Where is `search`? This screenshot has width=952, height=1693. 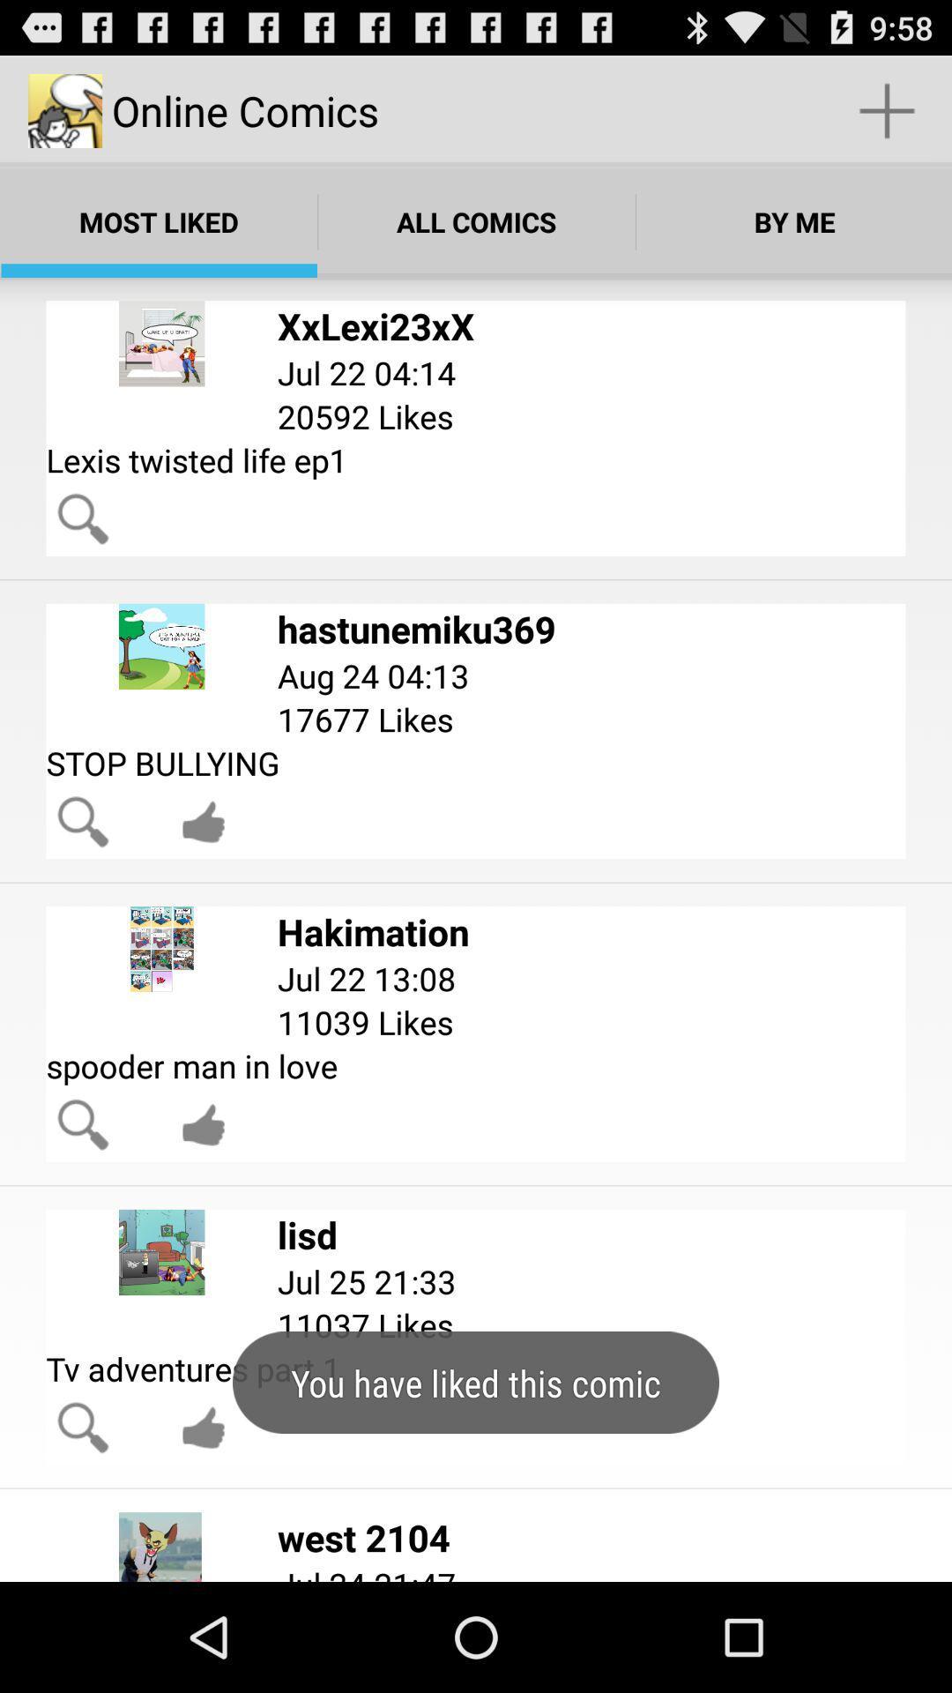
search is located at coordinates (83, 518).